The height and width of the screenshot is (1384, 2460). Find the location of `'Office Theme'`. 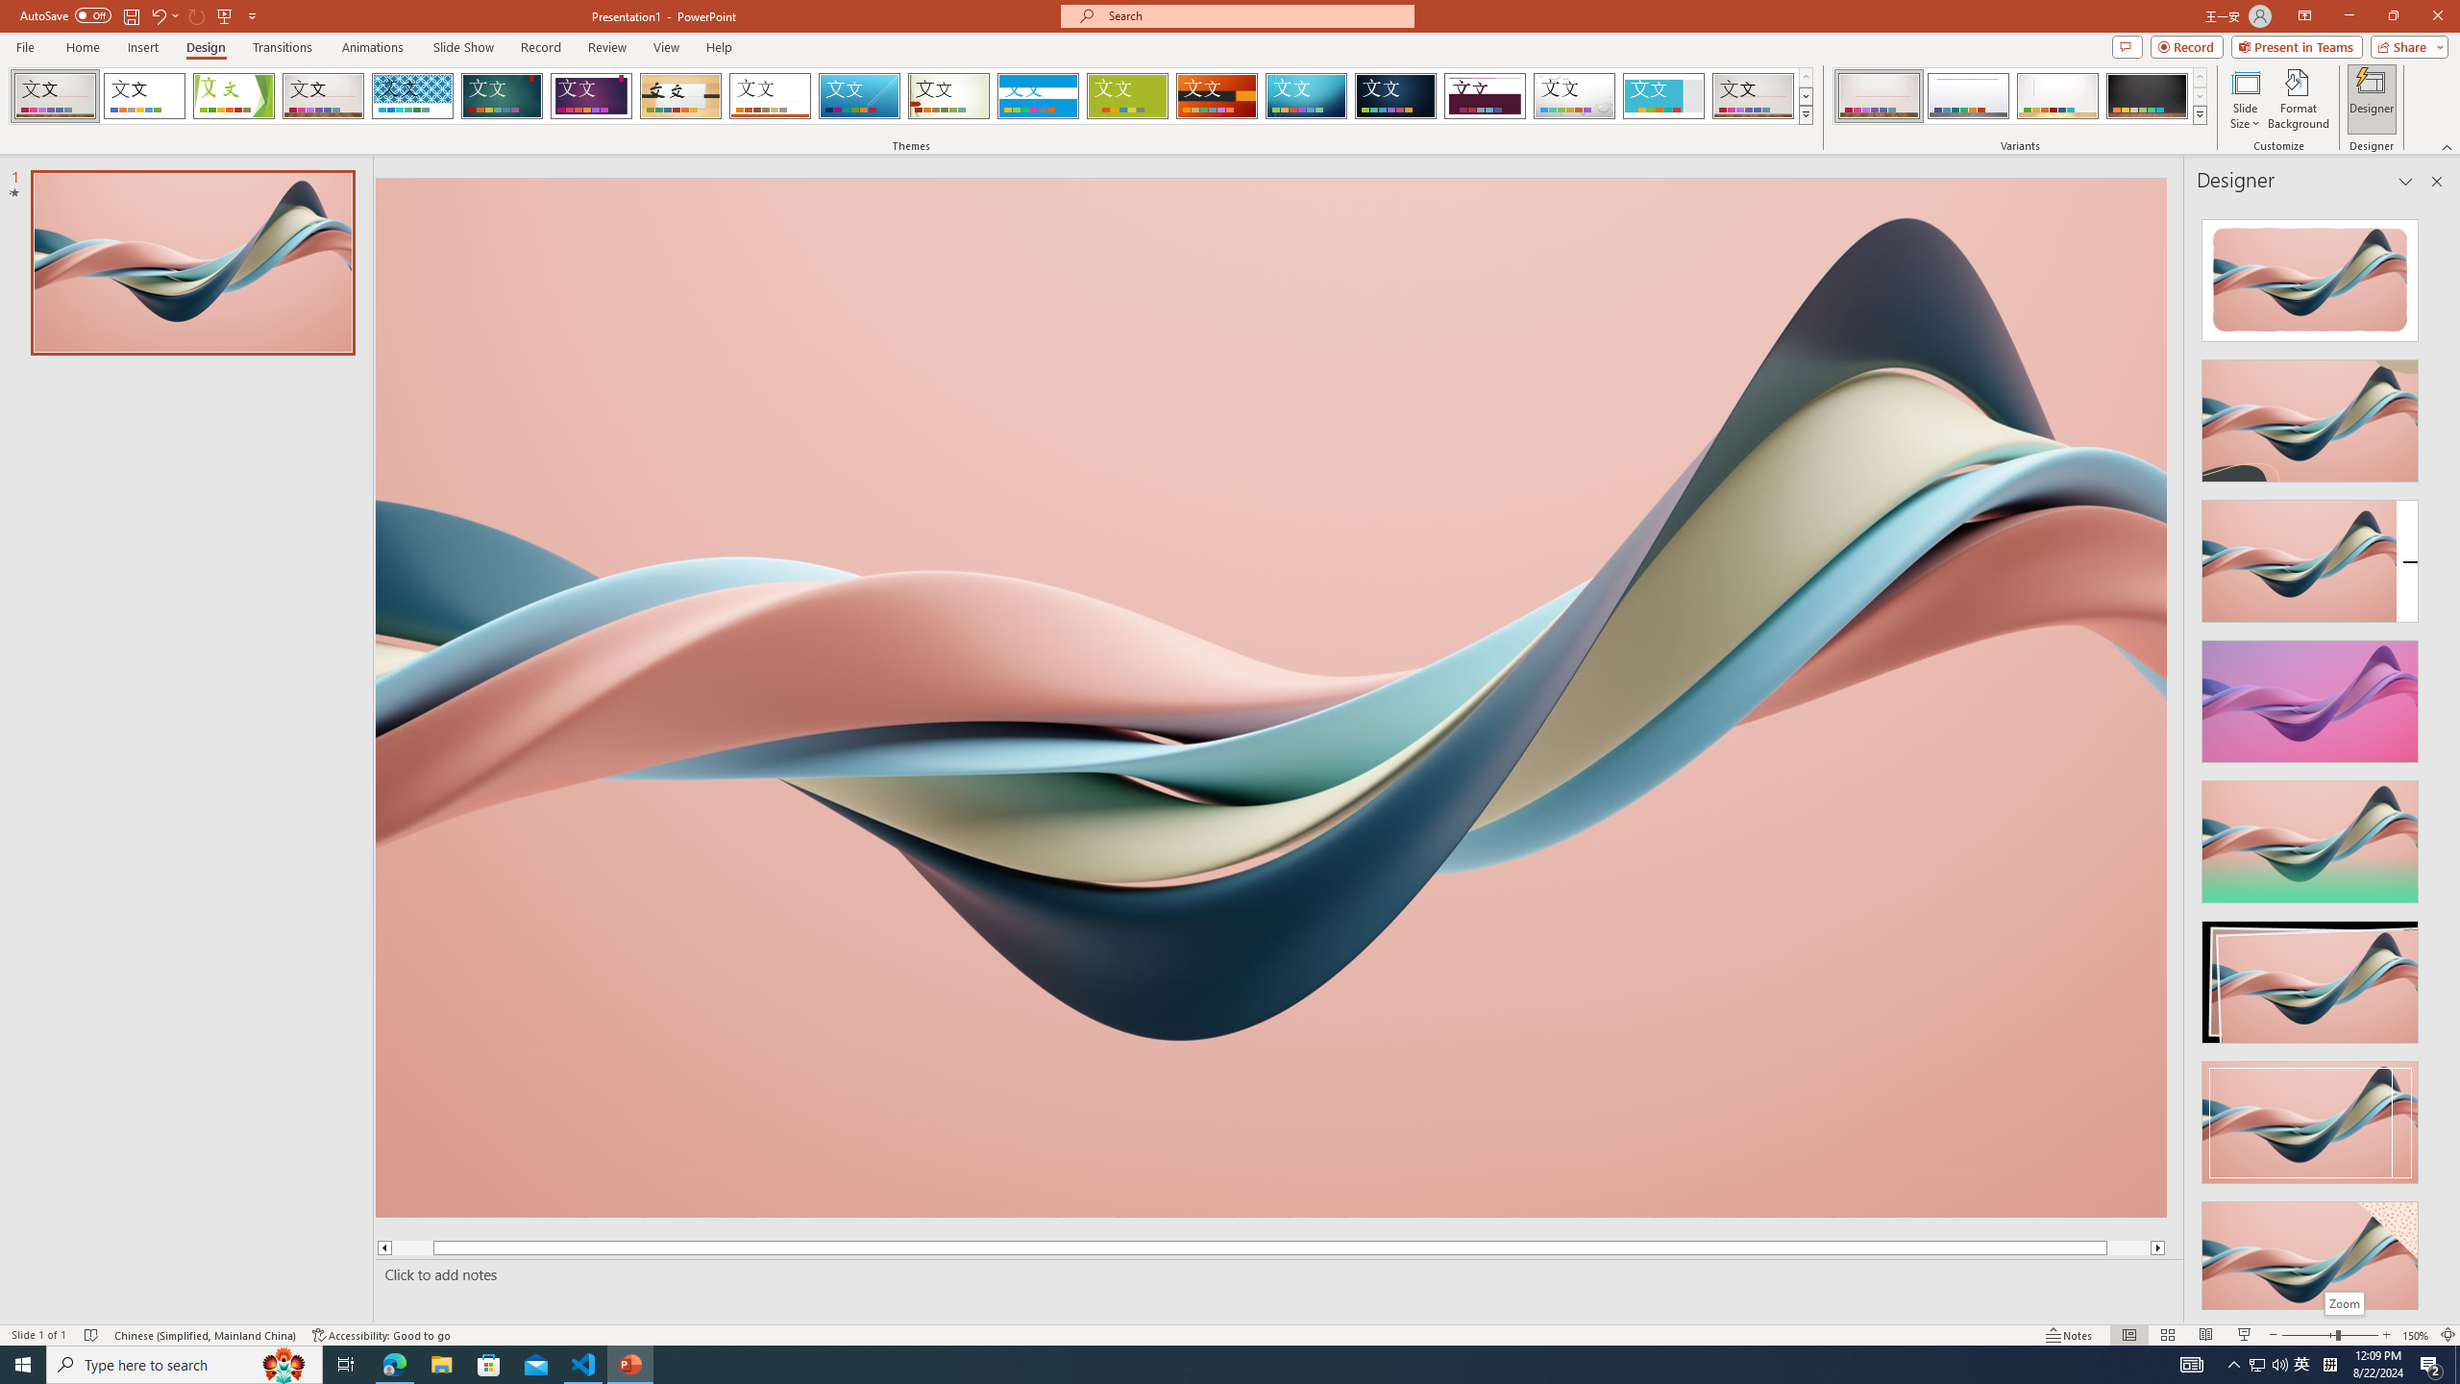

'Office Theme' is located at coordinates (144, 95).